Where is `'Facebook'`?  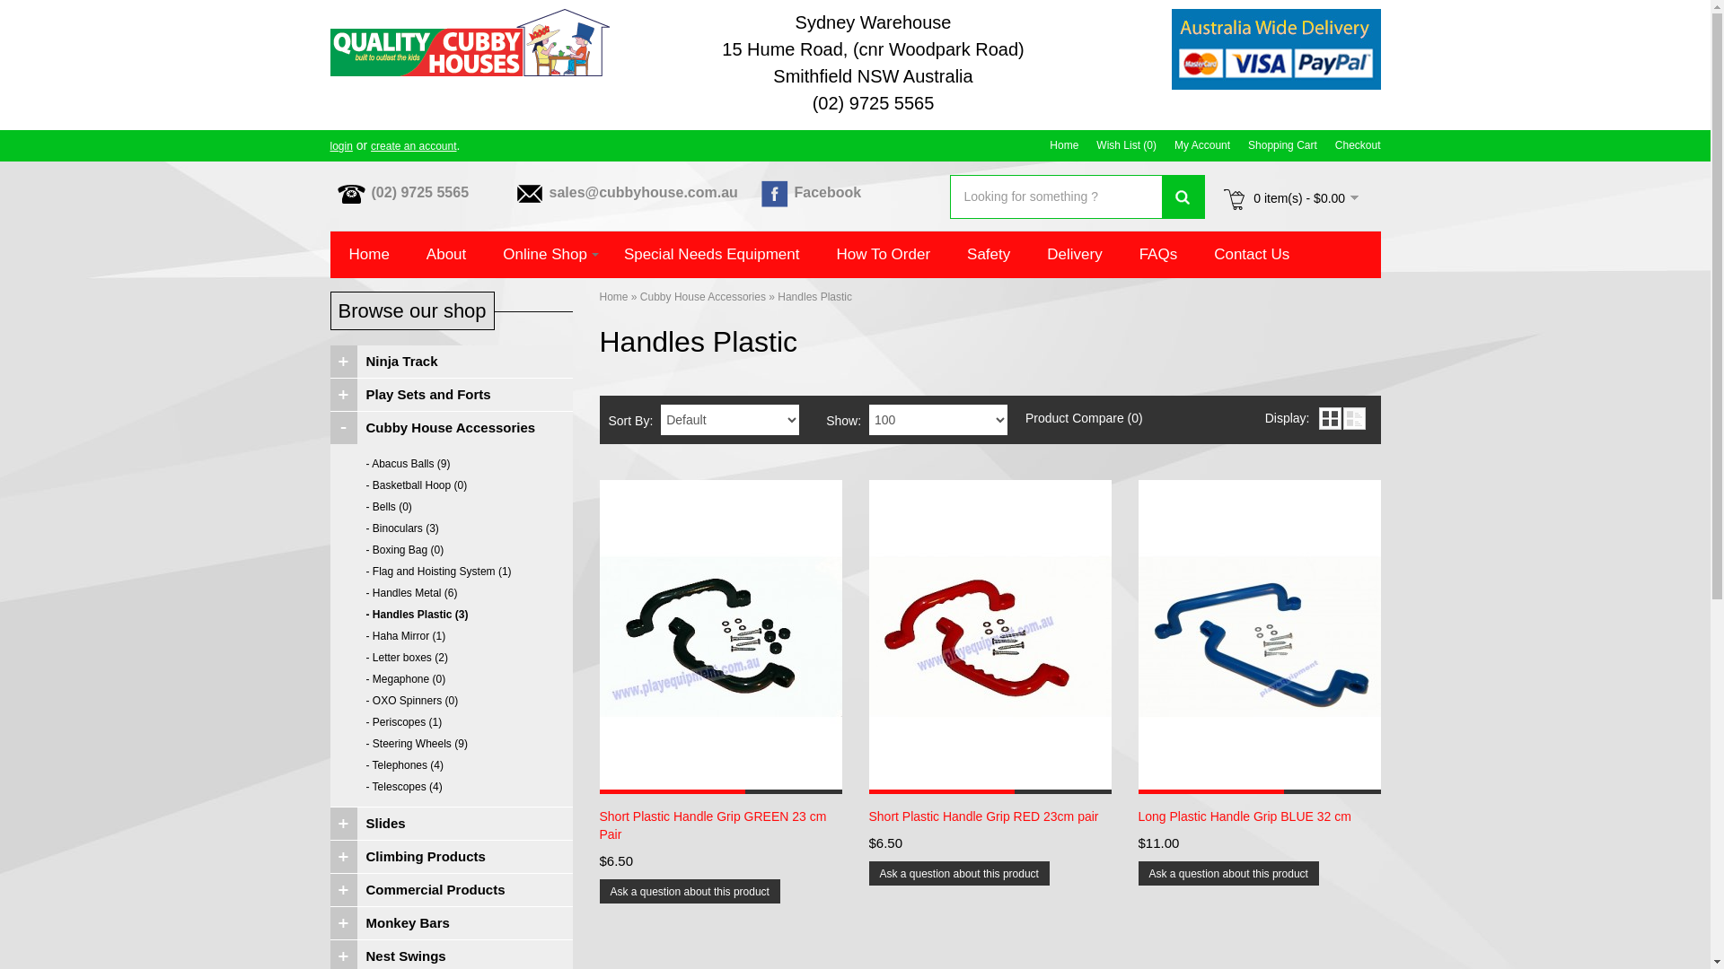
'Facebook' is located at coordinates (875, 196).